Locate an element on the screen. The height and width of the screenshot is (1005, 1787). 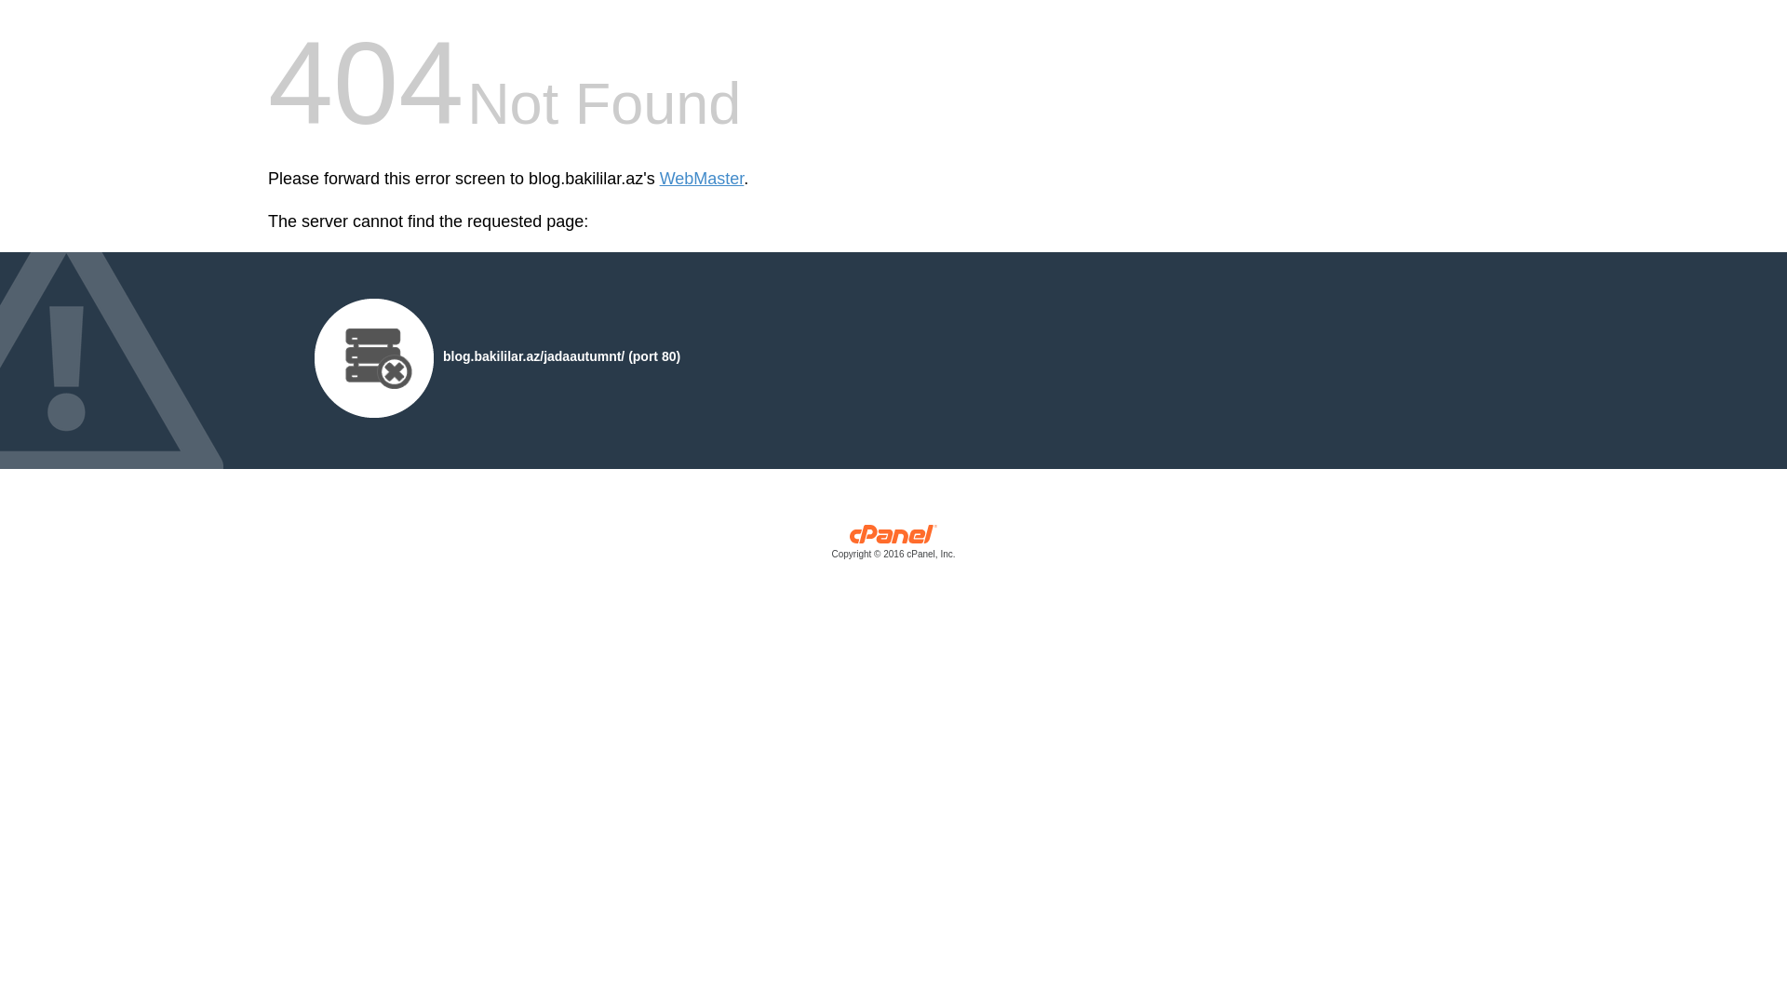
'WebMaster' is located at coordinates (701, 179).